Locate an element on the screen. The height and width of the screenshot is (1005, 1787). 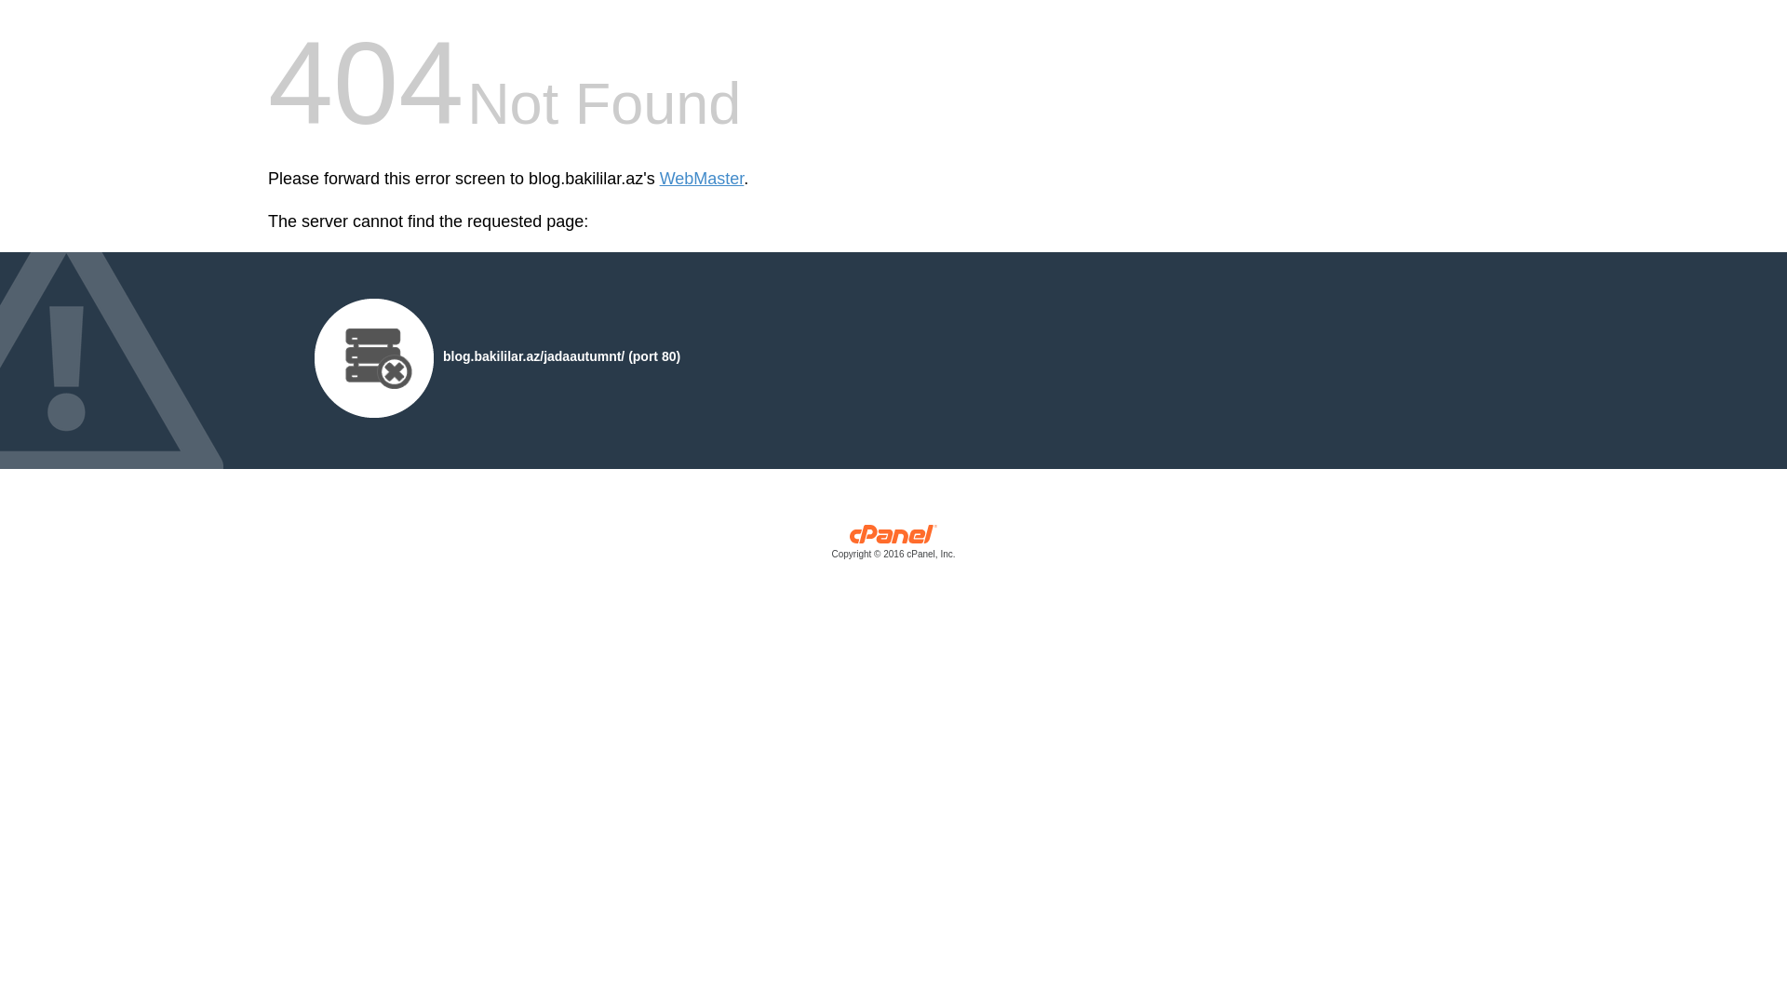
'WebMaster' is located at coordinates (701, 179).